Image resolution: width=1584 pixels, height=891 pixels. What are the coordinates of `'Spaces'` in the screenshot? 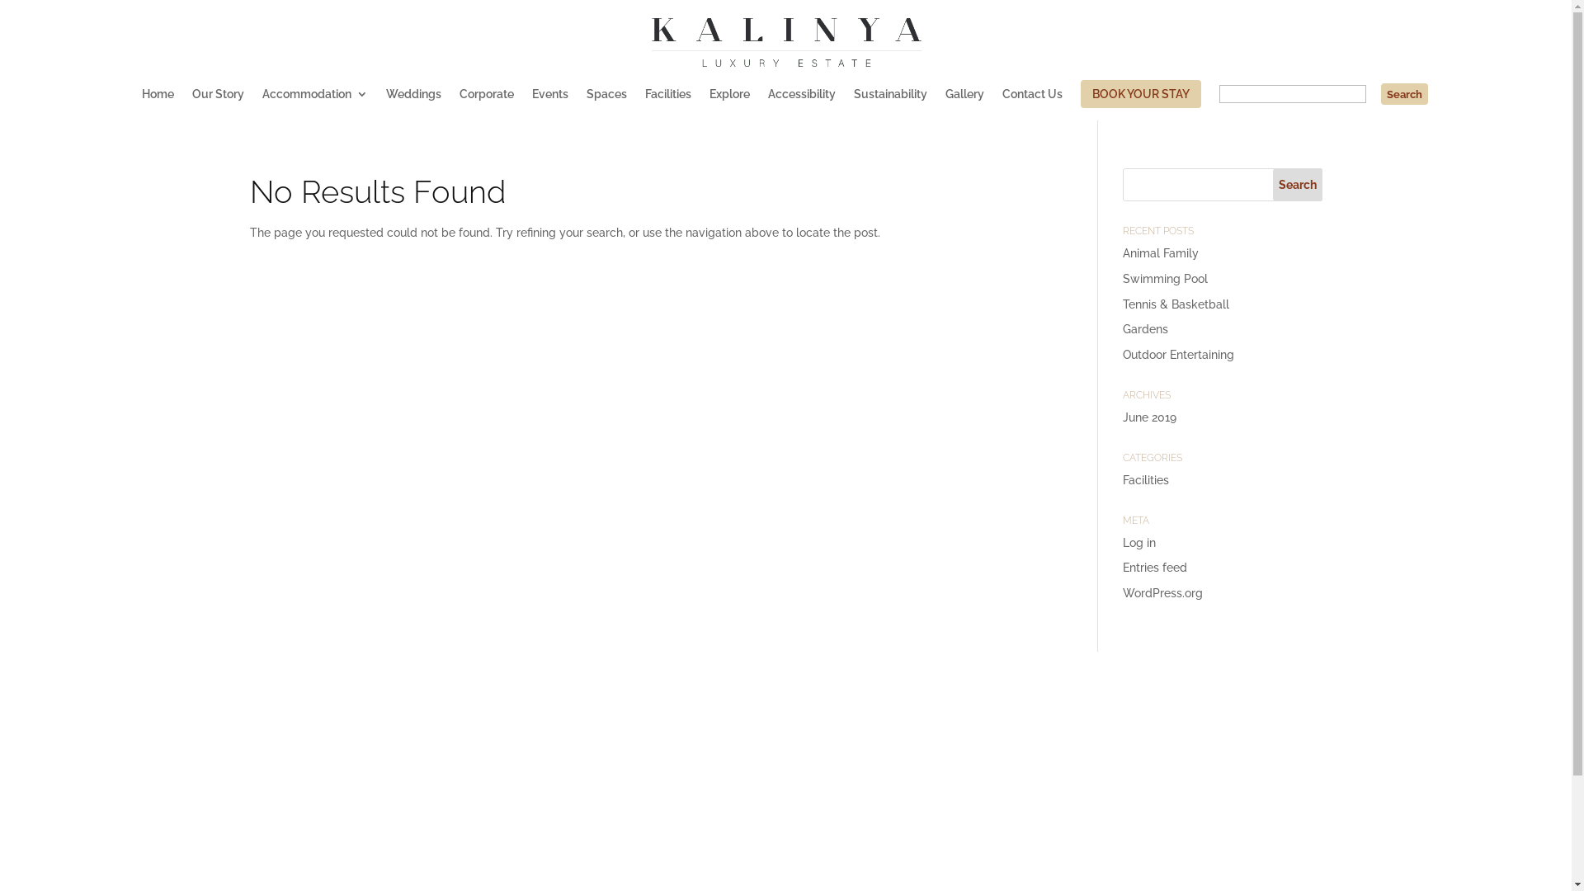 It's located at (606, 101).